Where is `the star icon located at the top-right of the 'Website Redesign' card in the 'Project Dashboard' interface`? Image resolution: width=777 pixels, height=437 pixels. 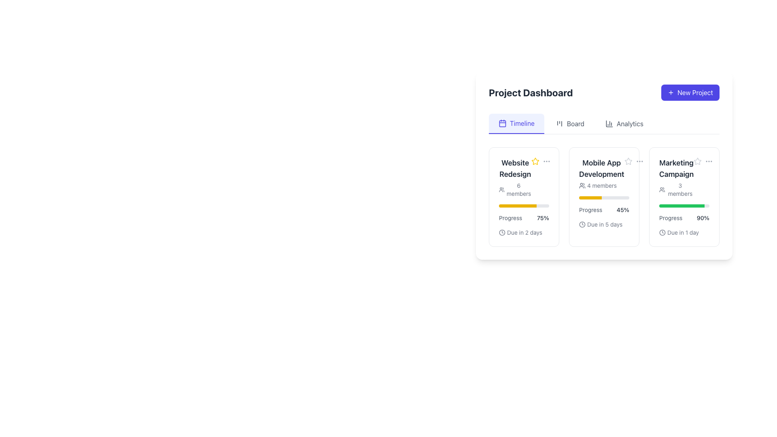 the star icon located at the top-right of the 'Website Redesign' card in the 'Project Dashboard' interface is located at coordinates (535, 161).